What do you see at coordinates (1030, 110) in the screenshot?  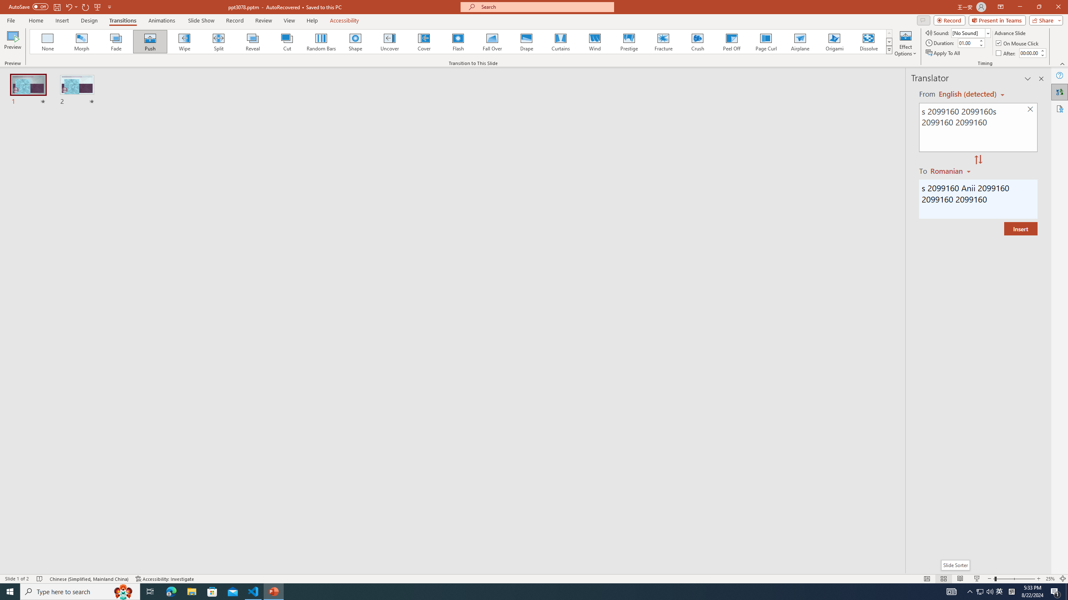 I see `'Clear text'` at bounding box center [1030, 110].